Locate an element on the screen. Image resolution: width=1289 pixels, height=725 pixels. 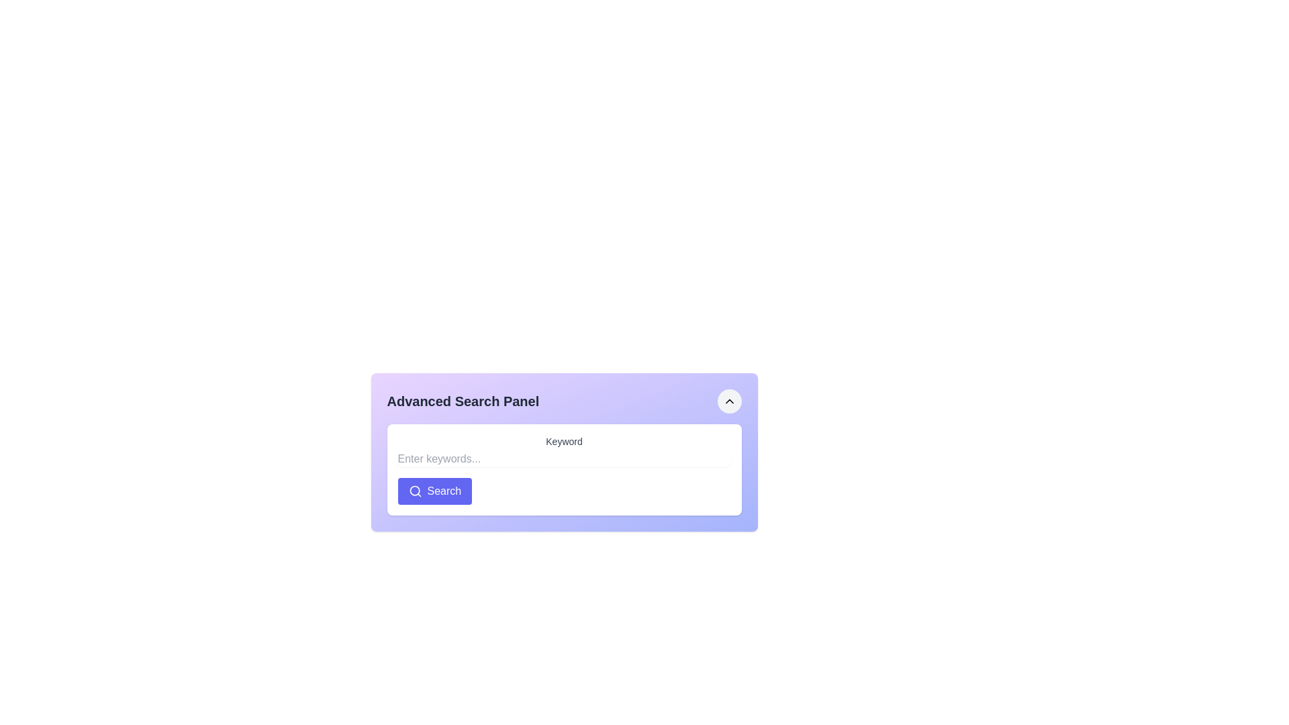
the search button located at the bottom of the white panel, directly below the 'Keyword' input field, to observe a background color change is located at coordinates (434, 491).